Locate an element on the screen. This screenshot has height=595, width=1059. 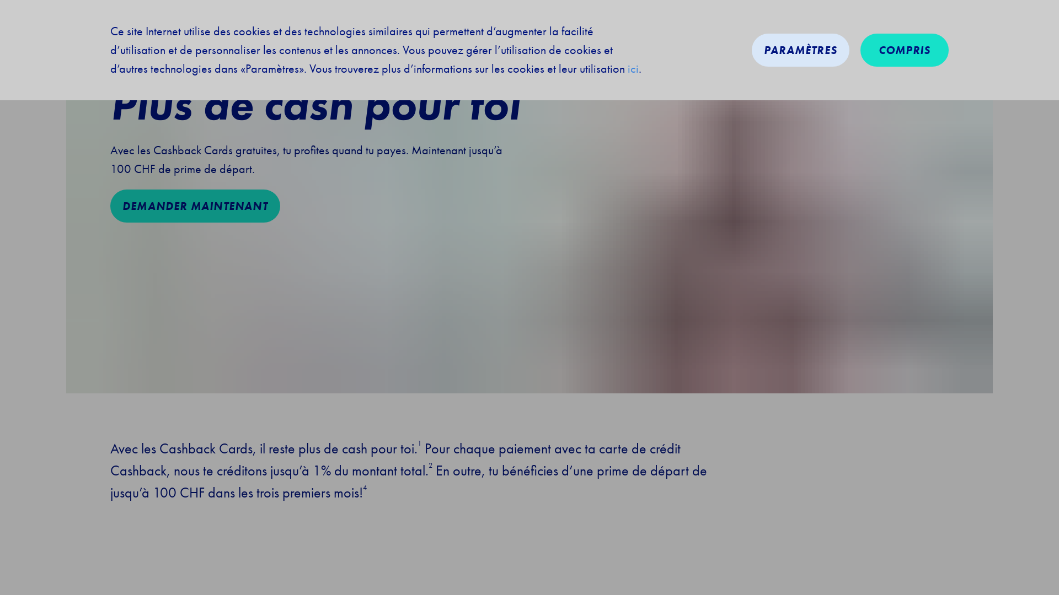
'ici' is located at coordinates (633, 68).